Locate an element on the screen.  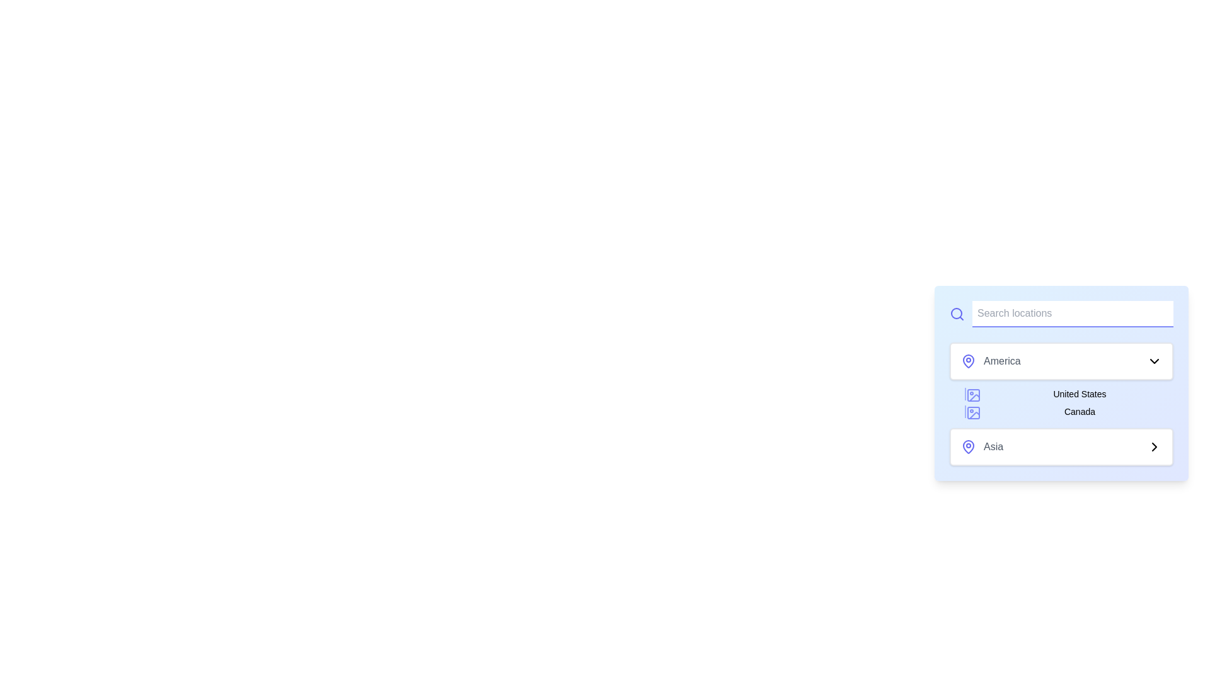
the selectable list item labeled 'Asia' with a location marker icon is located at coordinates (981, 446).